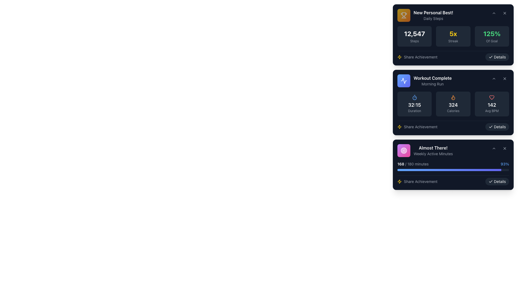 The height and width of the screenshot is (291, 518). Describe the element at coordinates (490, 182) in the screenshot. I see `the completion state icon located to the right of the 'Details' button in the bottom-right corner of the 'Workout Complete' card` at that location.